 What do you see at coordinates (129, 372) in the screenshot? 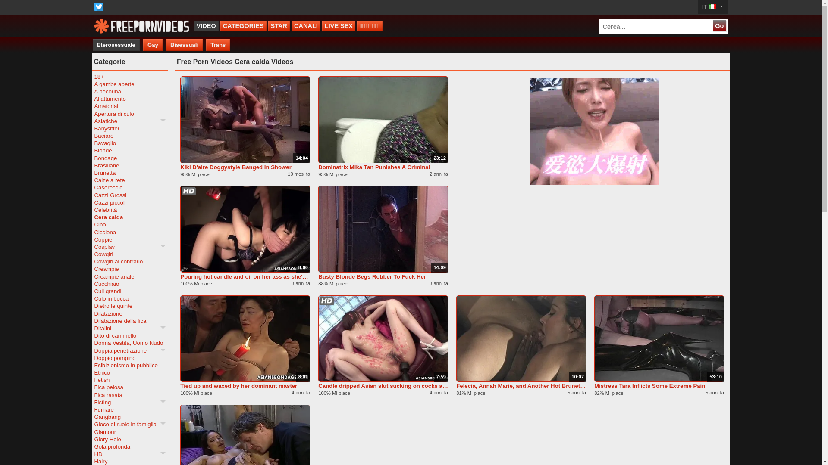
I see `'Etnico'` at bounding box center [129, 372].